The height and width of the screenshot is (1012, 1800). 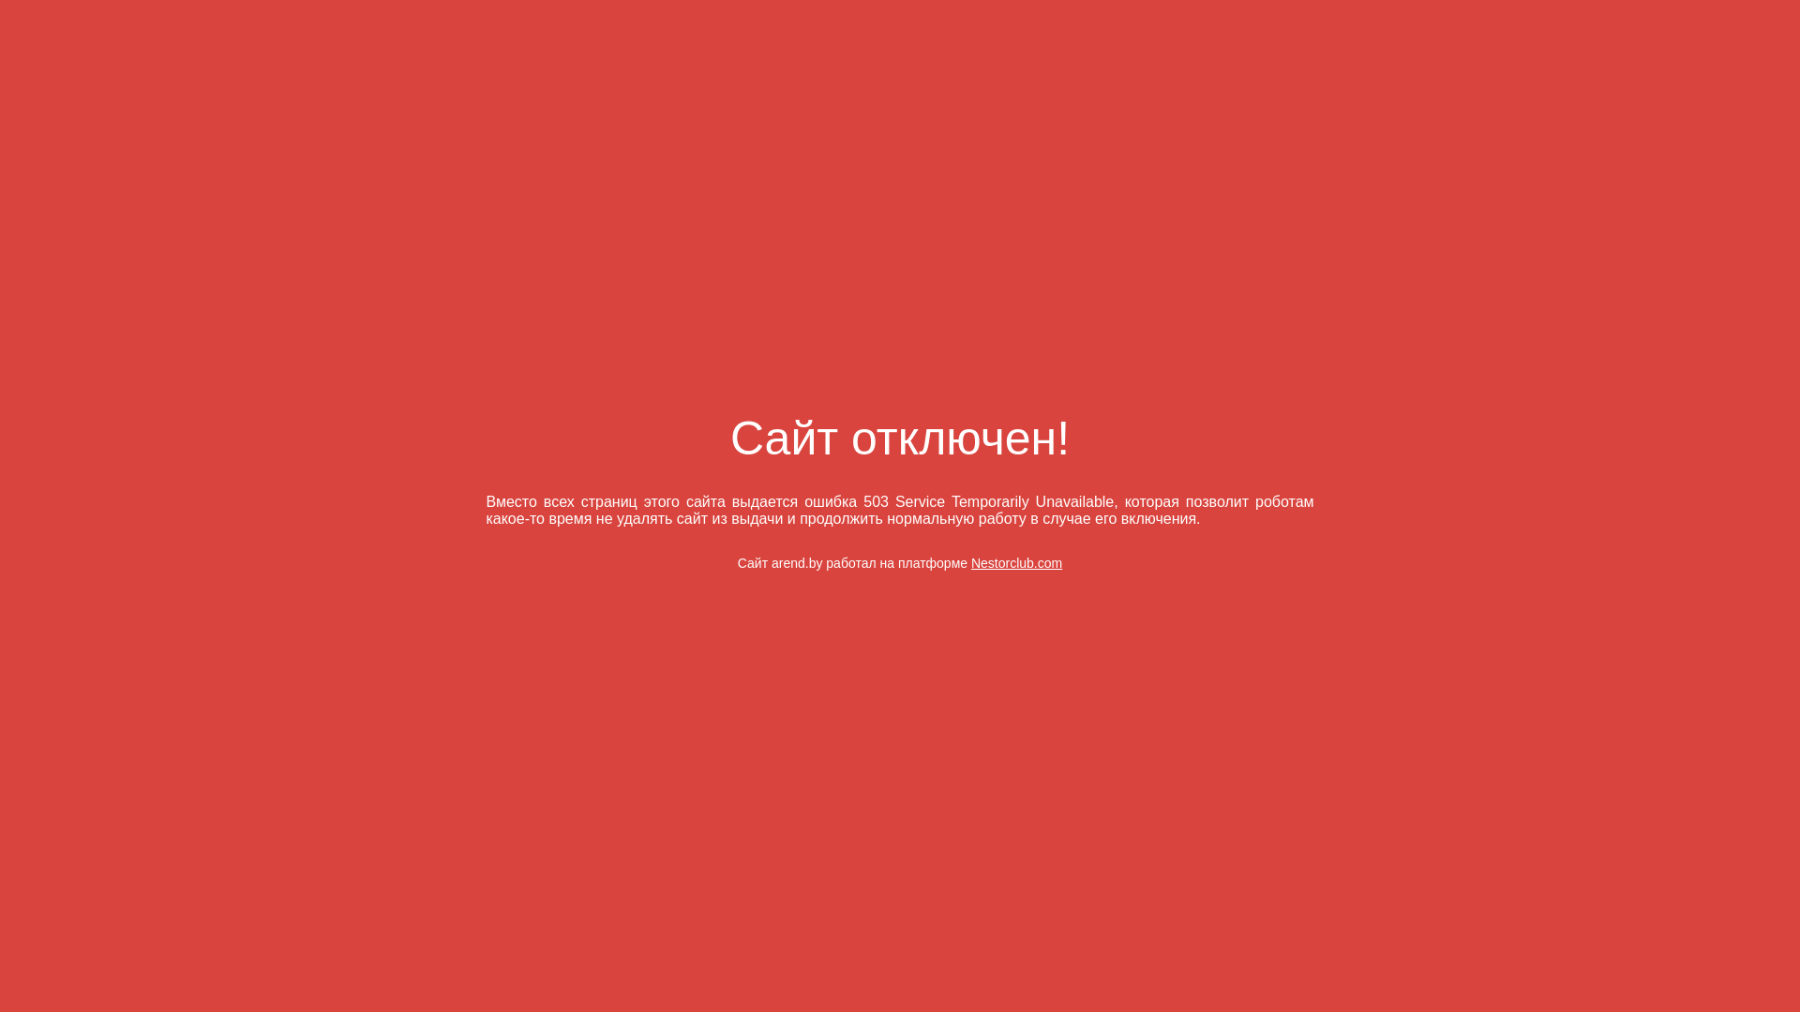 What do you see at coordinates (971, 562) in the screenshot?
I see `'Nestorclub.com'` at bounding box center [971, 562].